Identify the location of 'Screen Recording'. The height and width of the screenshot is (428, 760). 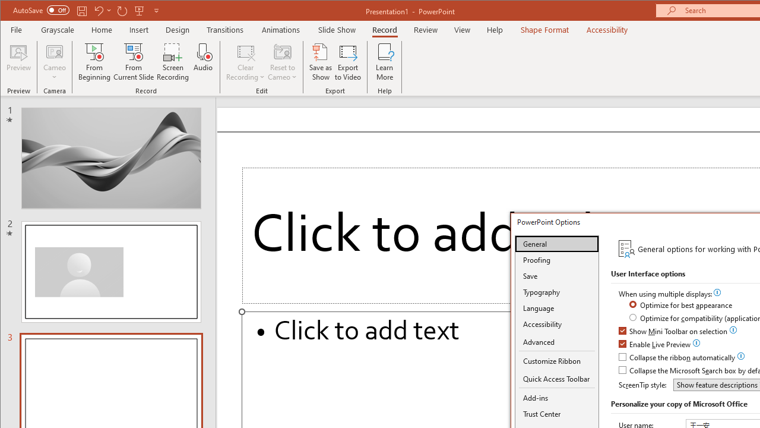
(172, 62).